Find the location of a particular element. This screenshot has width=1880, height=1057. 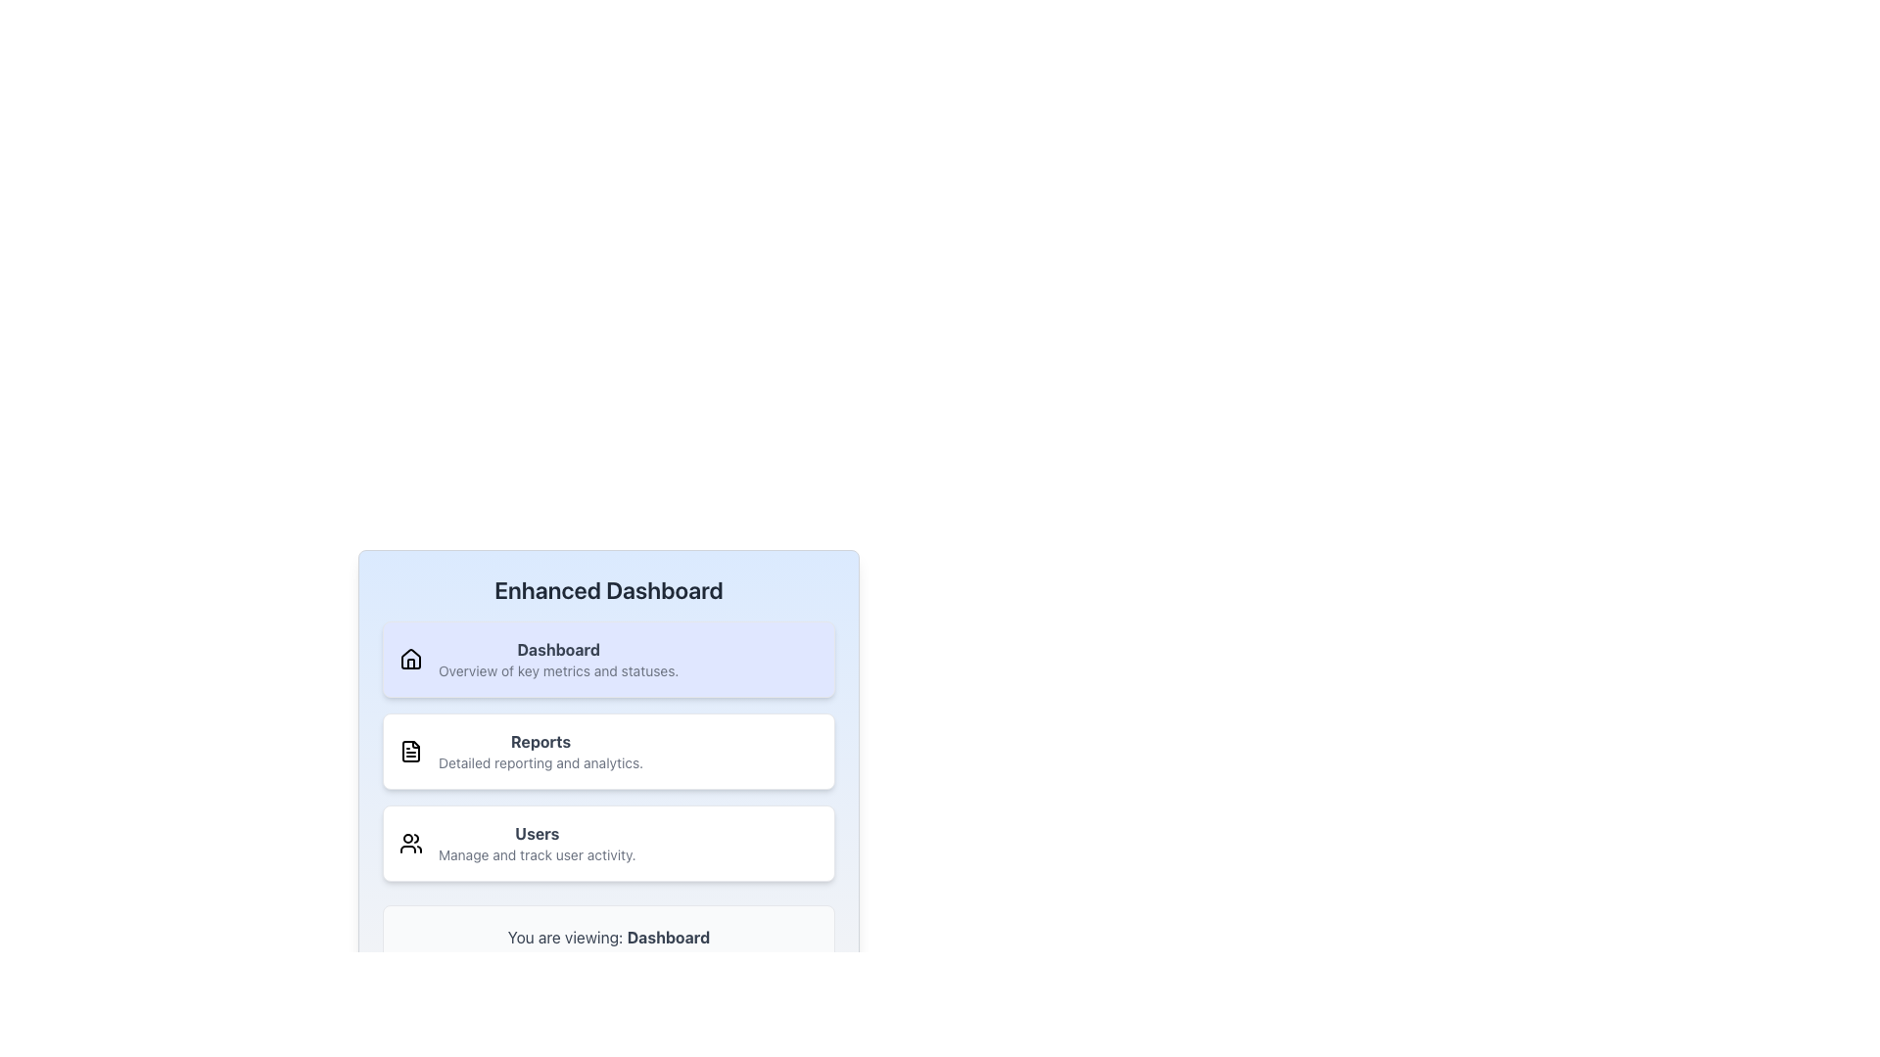

the 'Users' card which is the third item in a vertically stacked group of cards is located at coordinates (608, 842).